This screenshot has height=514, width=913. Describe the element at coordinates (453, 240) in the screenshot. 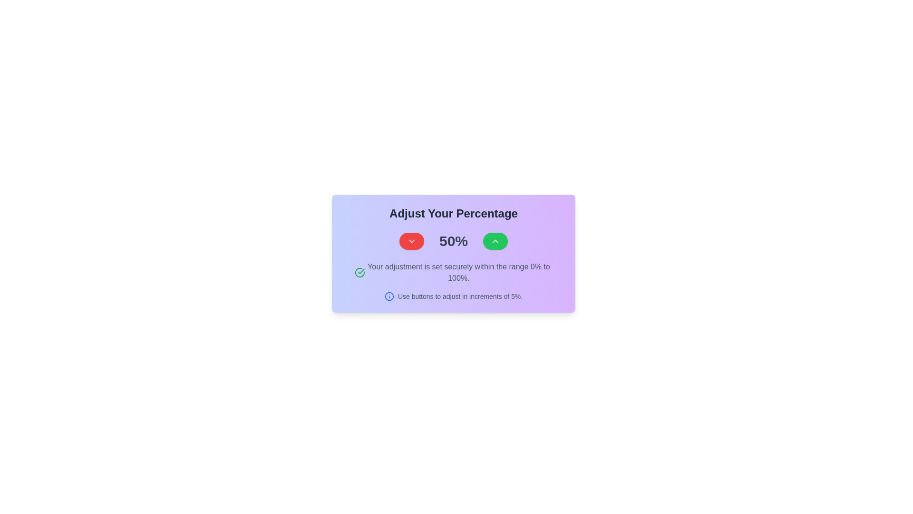

I see `the Text Display that shows the current percentage value, located between a red decrement button and a green increment button` at that location.